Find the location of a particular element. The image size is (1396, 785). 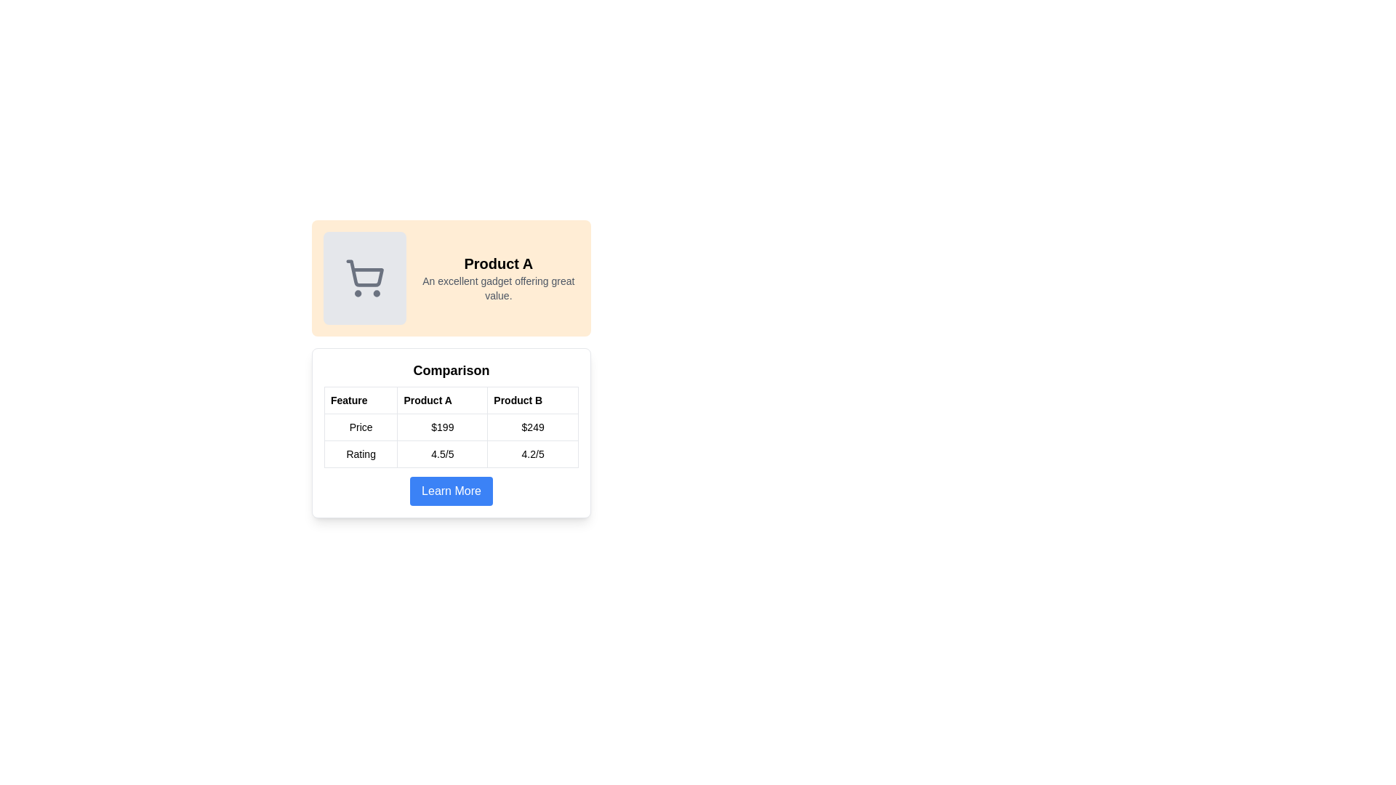

static text display showing the price '$249' for 'Product B' in the comparison table is located at coordinates (532, 426).